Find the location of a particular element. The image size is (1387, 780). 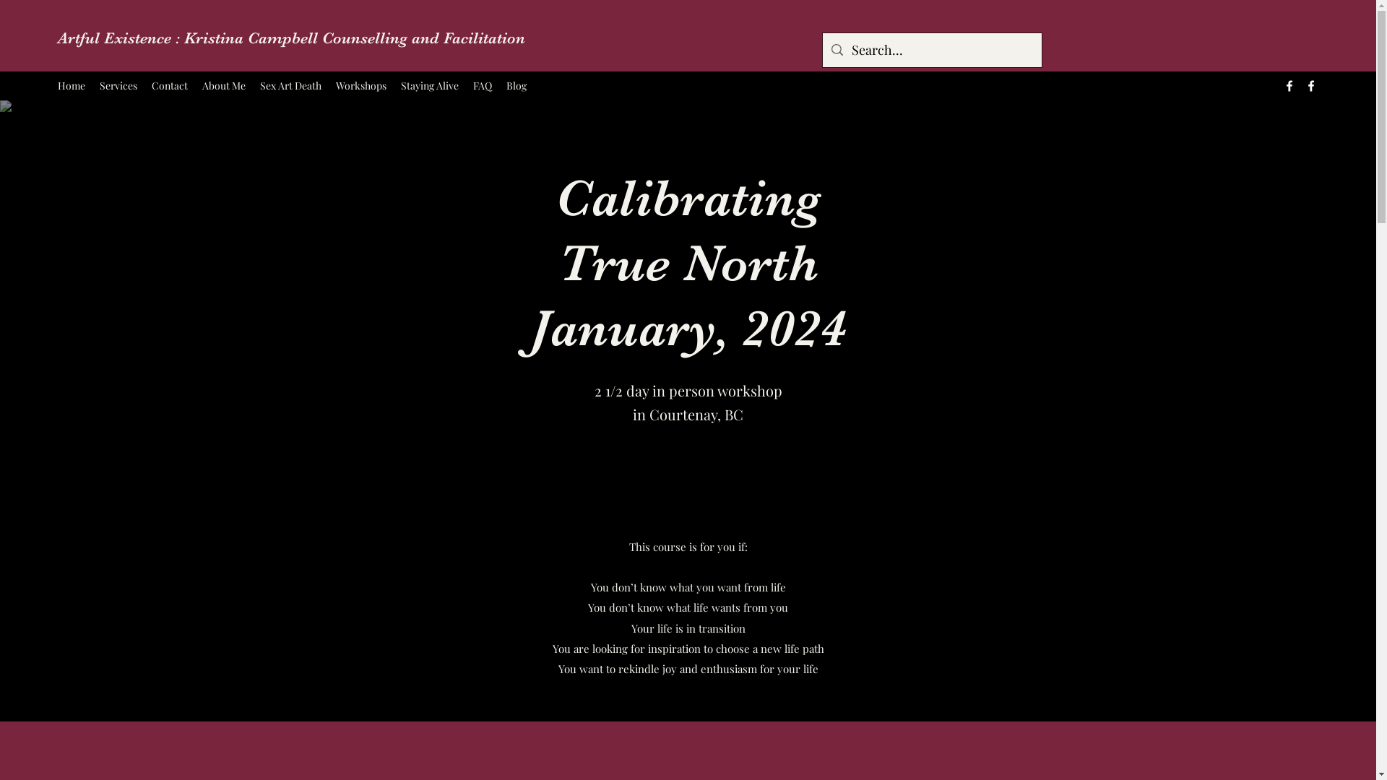

'About Me' is located at coordinates (223, 86).